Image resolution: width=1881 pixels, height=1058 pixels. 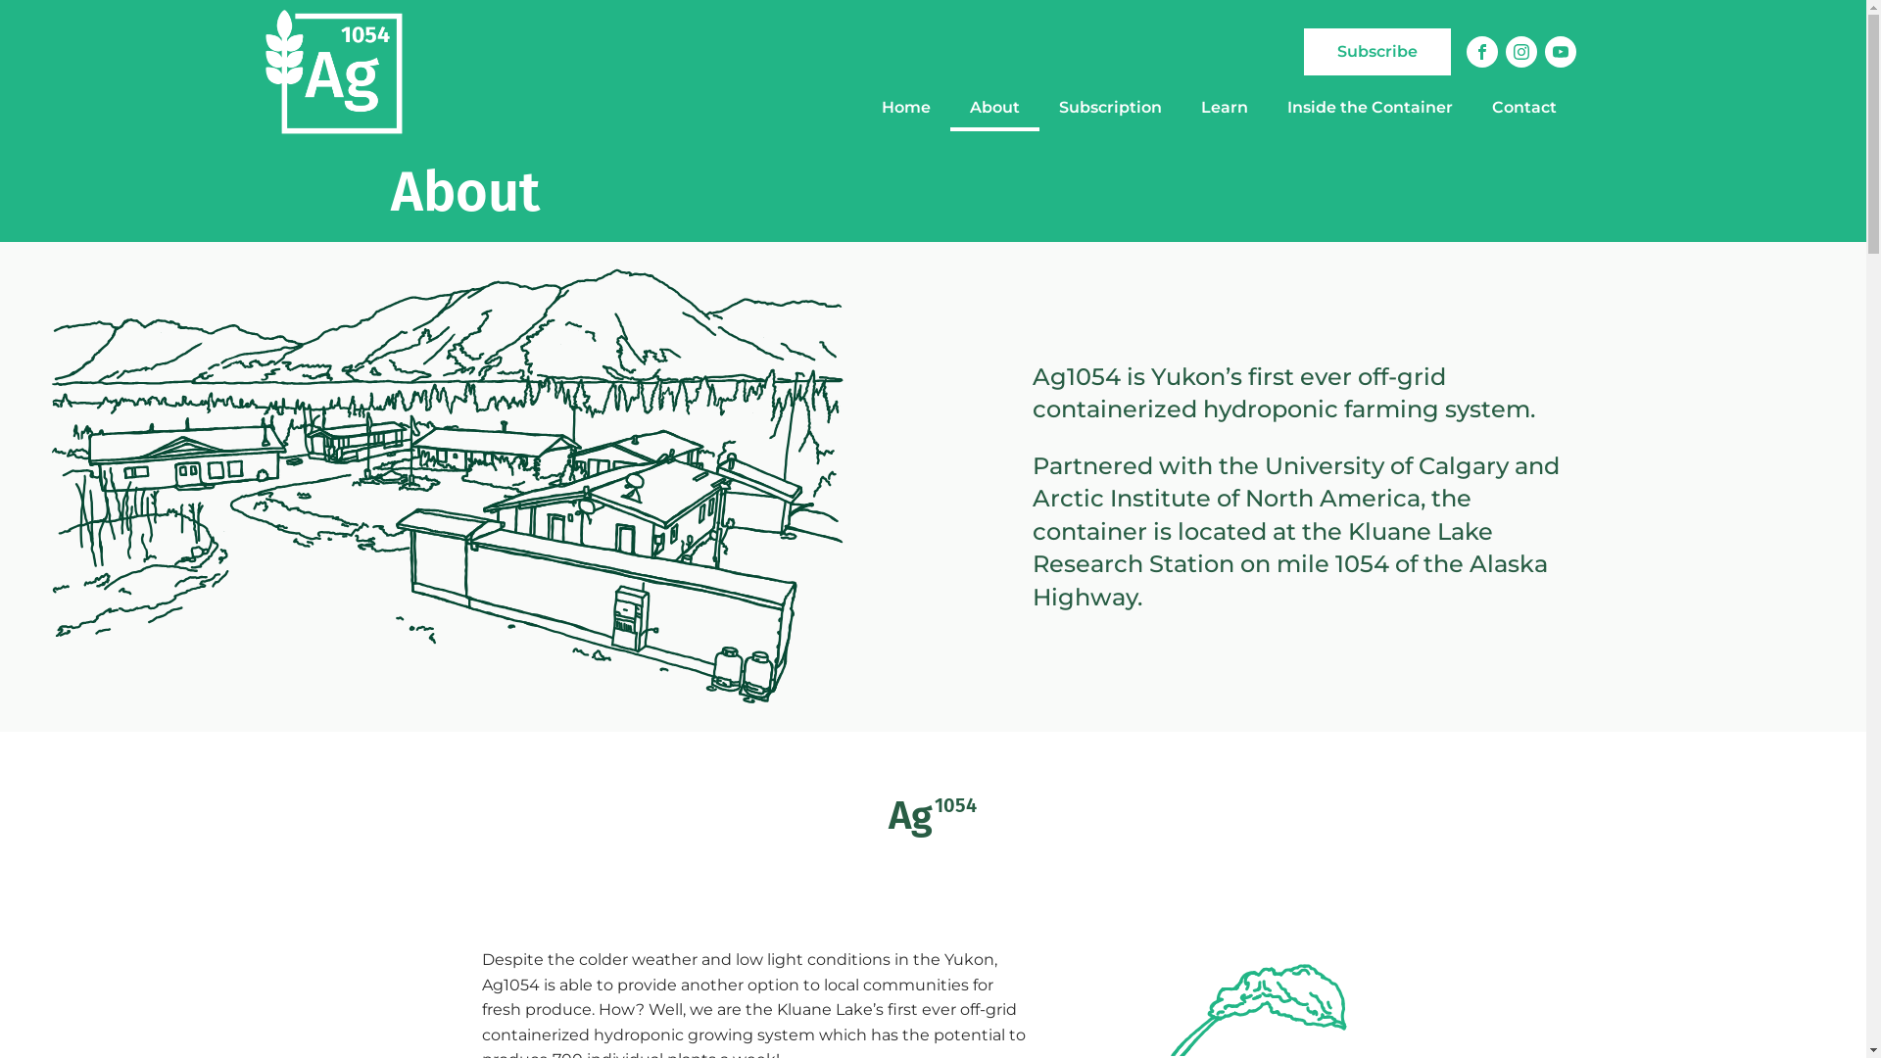 What do you see at coordinates (1369, 108) in the screenshot?
I see `'Inside the Container'` at bounding box center [1369, 108].